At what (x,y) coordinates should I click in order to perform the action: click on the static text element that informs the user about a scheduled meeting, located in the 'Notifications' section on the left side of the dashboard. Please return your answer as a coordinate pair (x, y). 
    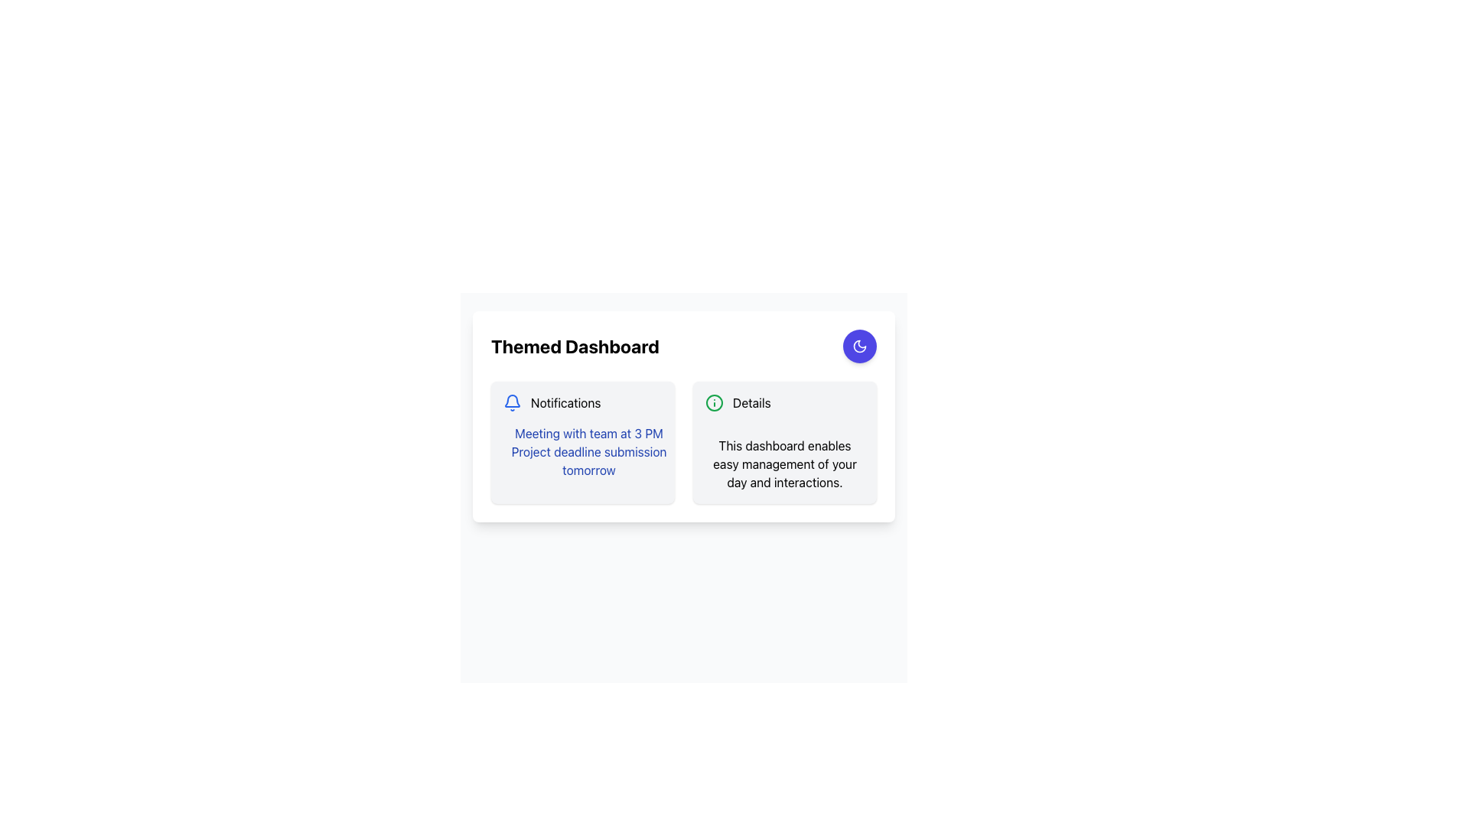
    Looking at the image, I should click on (588, 434).